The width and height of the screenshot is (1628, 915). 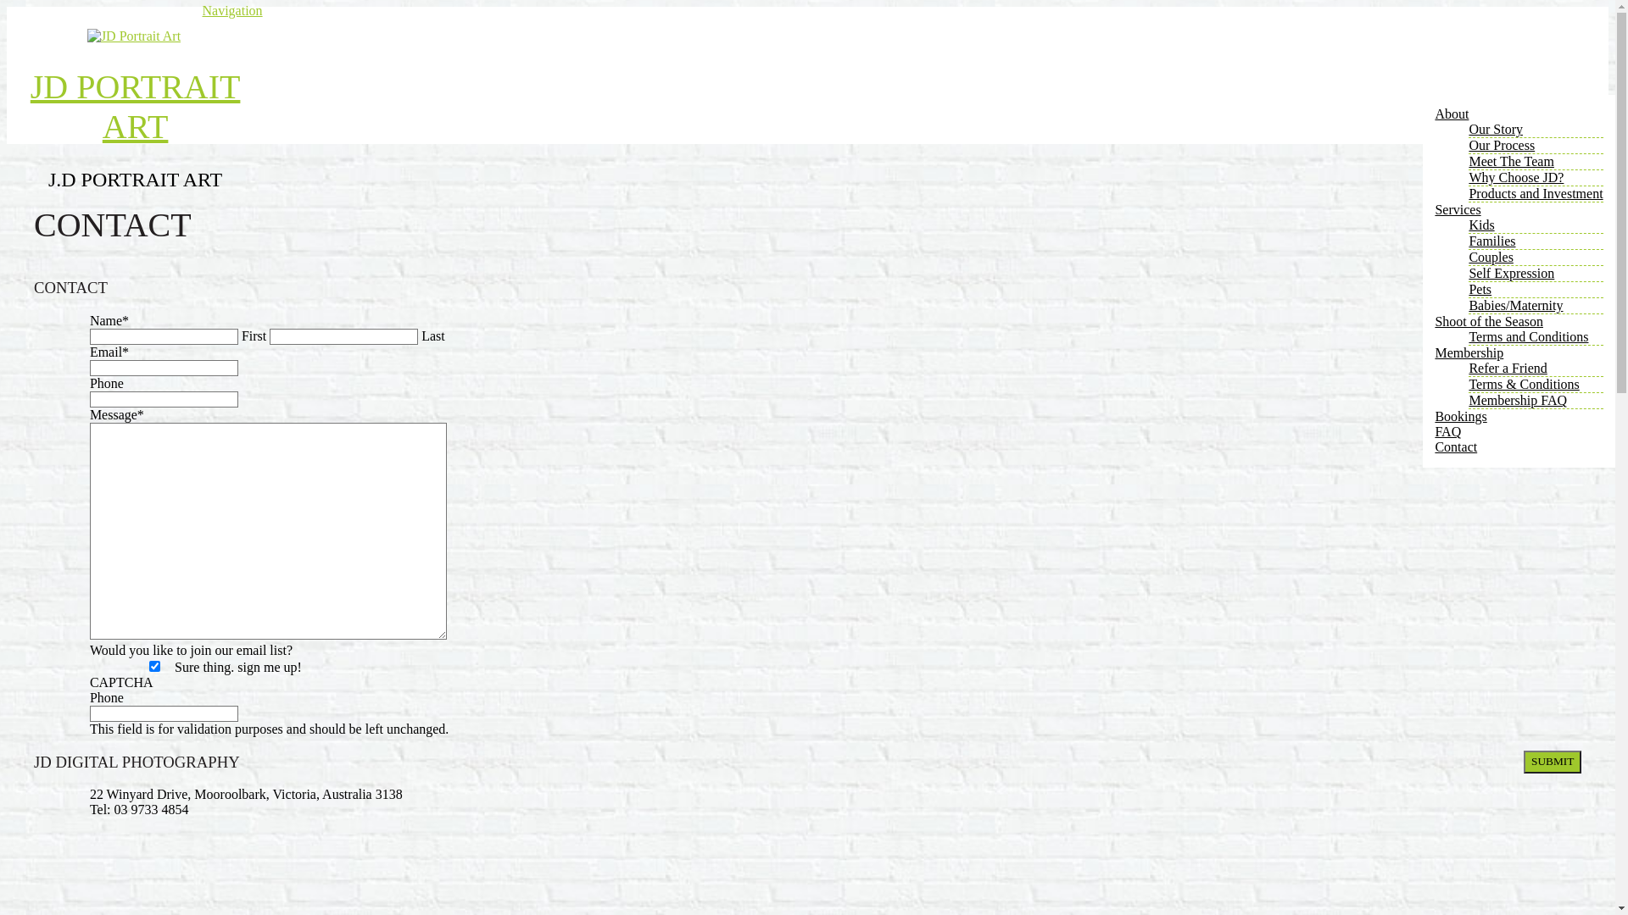 I want to click on 'Kids', so click(x=1480, y=224).